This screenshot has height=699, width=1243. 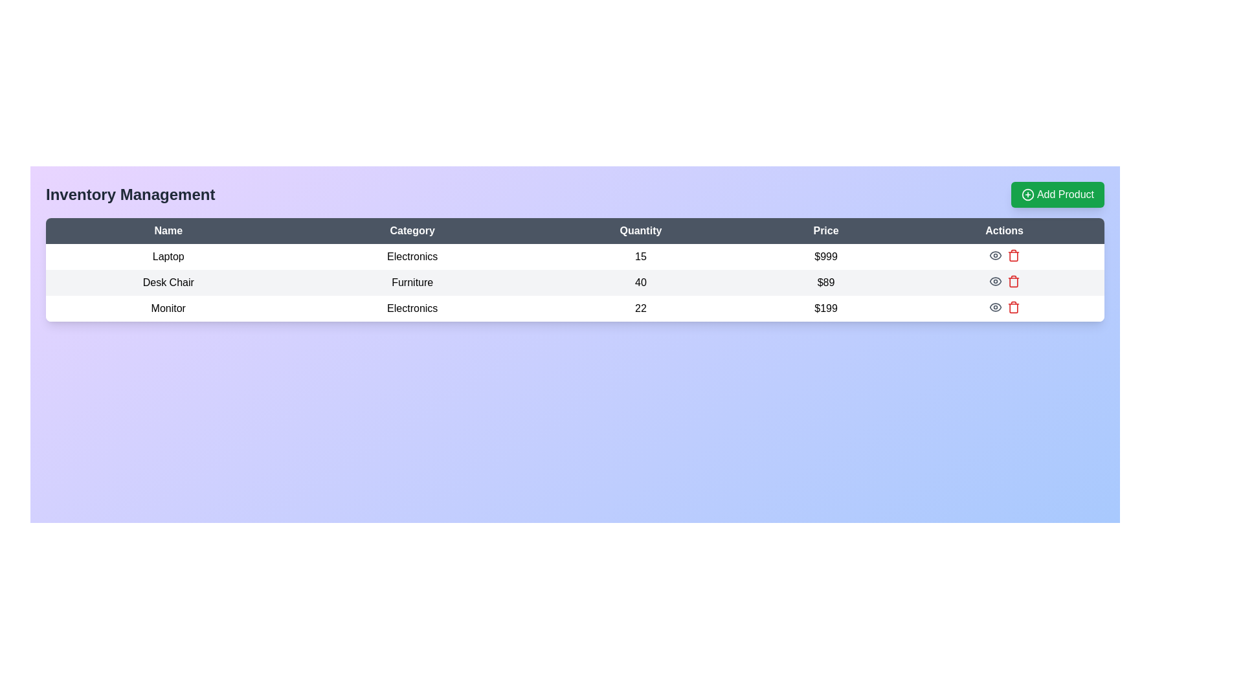 I want to click on the table cell containing the text 'Furniture', which is the second cell in the row that starts with 'Desk Chair', so click(x=412, y=282).